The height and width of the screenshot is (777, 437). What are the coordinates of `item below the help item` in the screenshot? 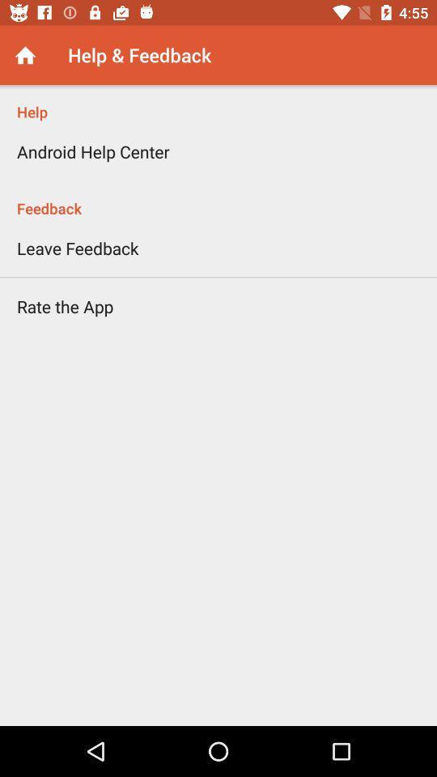 It's located at (93, 151).